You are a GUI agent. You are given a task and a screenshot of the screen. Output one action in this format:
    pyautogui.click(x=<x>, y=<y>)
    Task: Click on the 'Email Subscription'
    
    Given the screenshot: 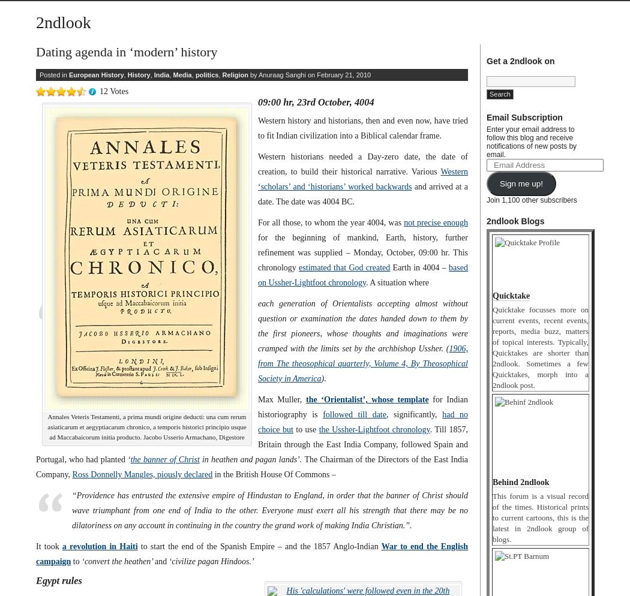 What is the action you would take?
    pyautogui.click(x=524, y=117)
    